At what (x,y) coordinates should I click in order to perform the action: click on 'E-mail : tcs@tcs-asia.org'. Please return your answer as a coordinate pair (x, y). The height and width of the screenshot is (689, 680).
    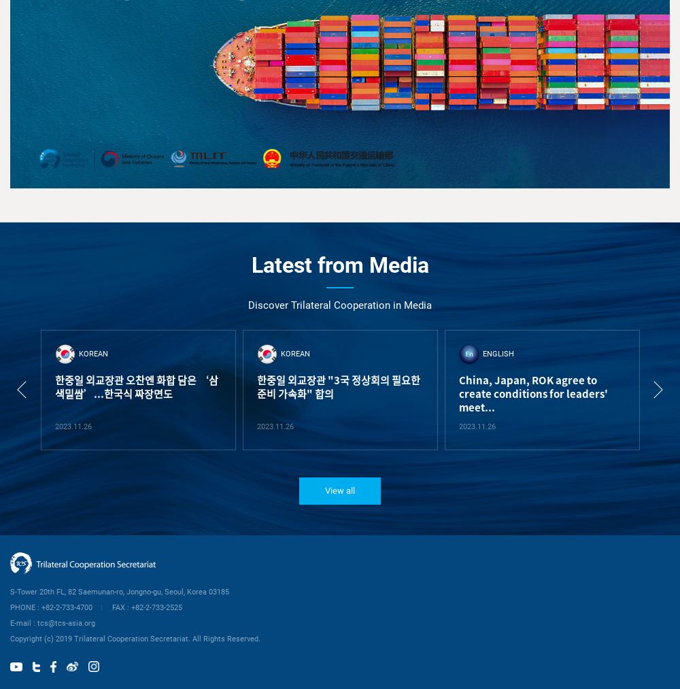
    Looking at the image, I should click on (10, 622).